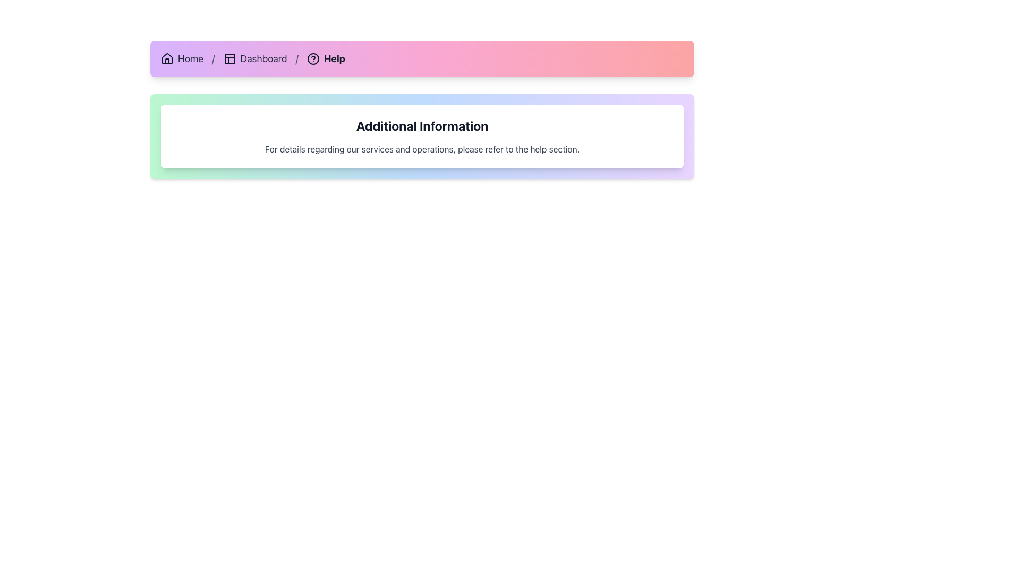 The height and width of the screenshot is (574, 1020). I want to click on the help section text label located in the top-right section of the navigation bar, adjacent to the question mark icon, so click(334, 59).